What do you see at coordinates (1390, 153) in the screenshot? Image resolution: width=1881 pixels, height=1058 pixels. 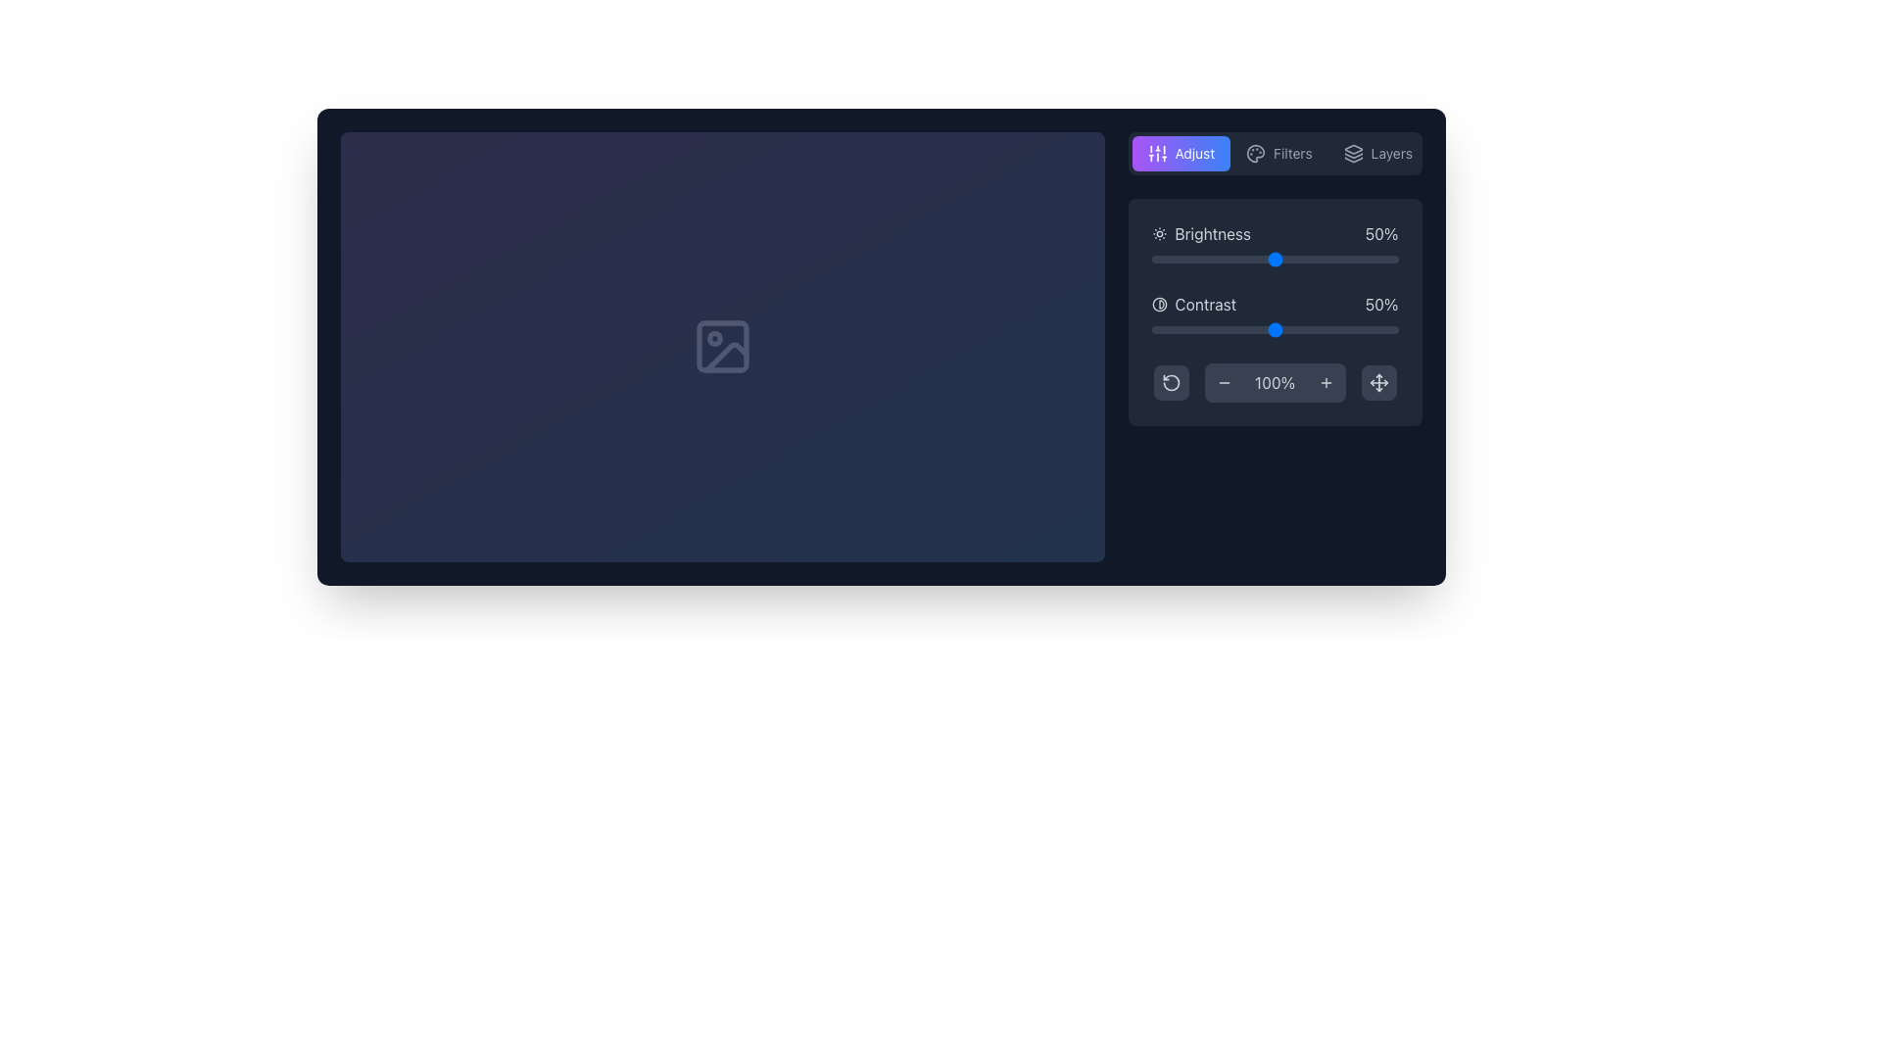 I see `the 'Layers' text label in the top-right menu bar` at bounding box center [1390, 153].